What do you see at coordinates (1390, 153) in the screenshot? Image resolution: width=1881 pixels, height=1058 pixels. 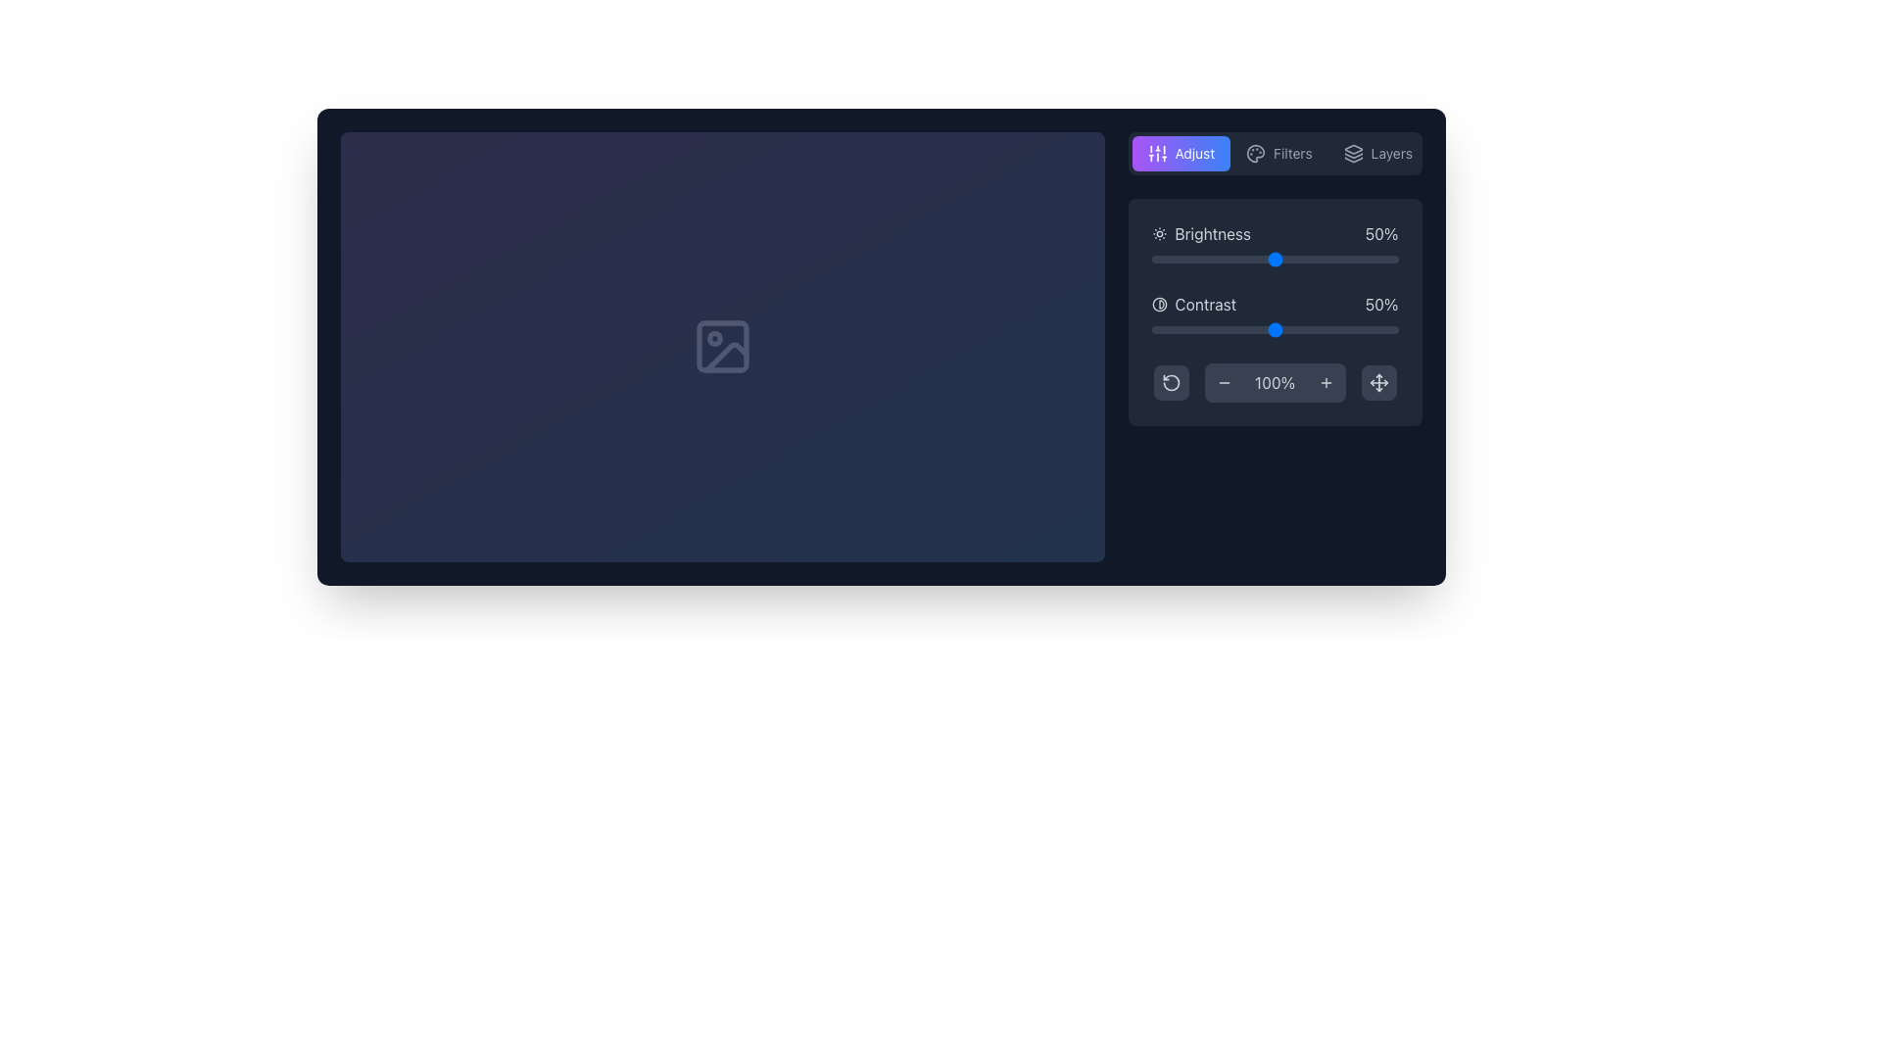 I see `the 'Layers' text label in the top-right menu bar` at bounding box center [1390, 153].